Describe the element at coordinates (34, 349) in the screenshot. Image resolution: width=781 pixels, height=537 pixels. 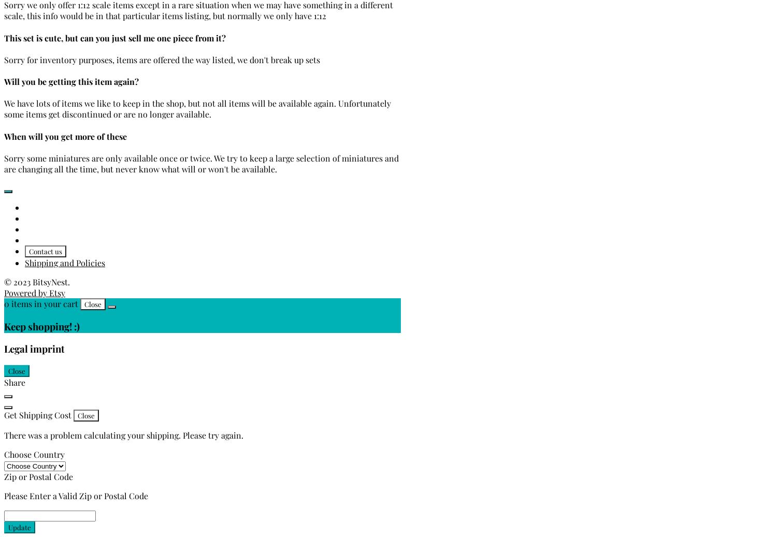
I see `'Legal imprint'` at that location.